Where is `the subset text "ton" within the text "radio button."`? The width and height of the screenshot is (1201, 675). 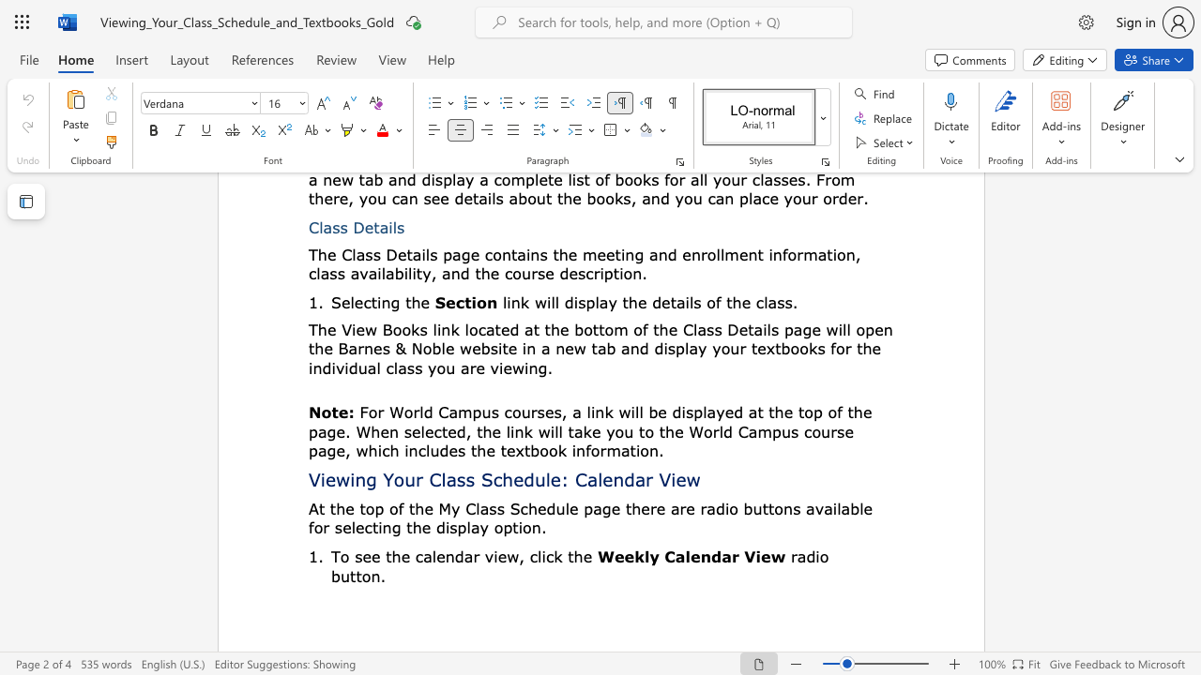 the subset text "ton" within the text "radio button." is located at coordinates (356, 575).